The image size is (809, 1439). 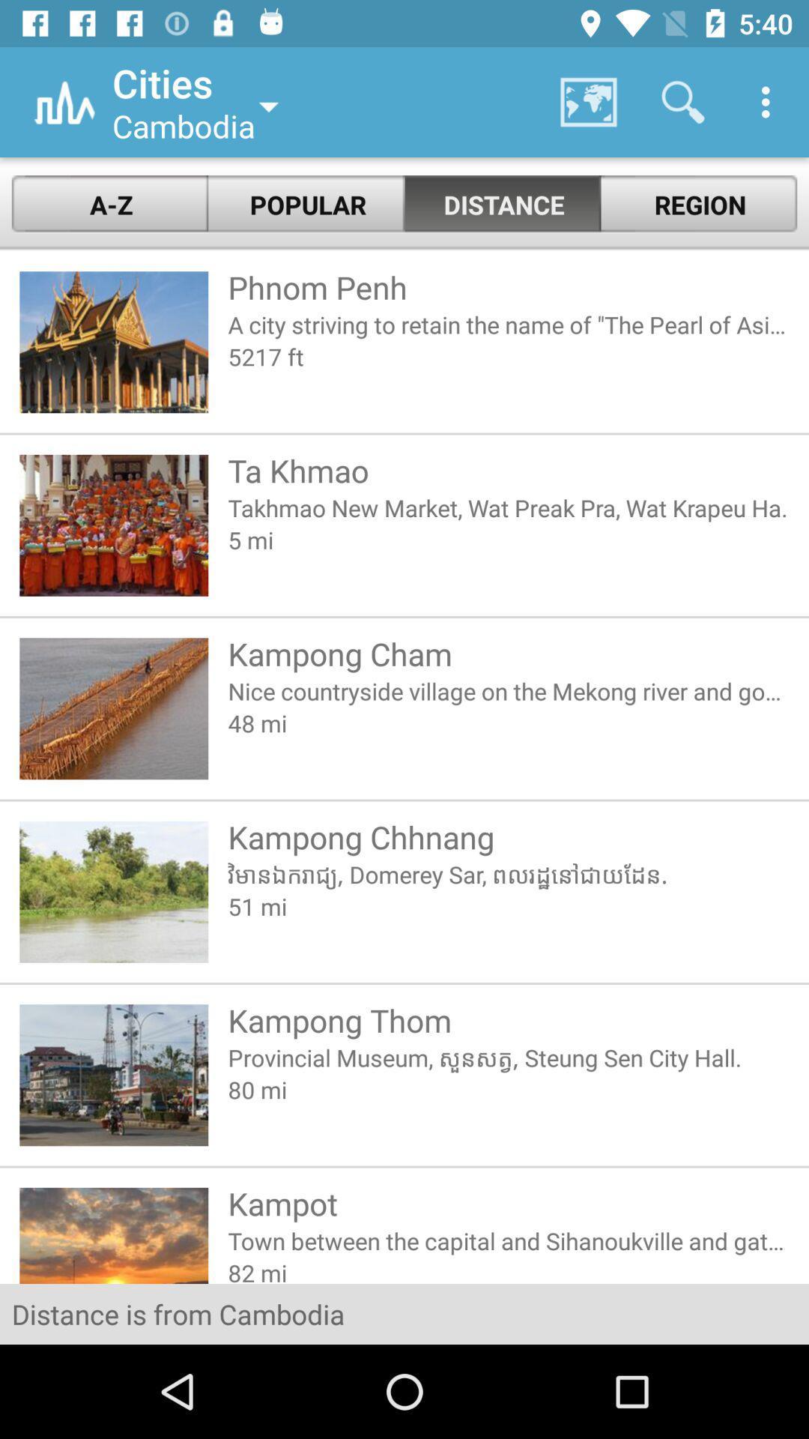 I want to click on the icon next to the popular, so click(x=109, y=204).